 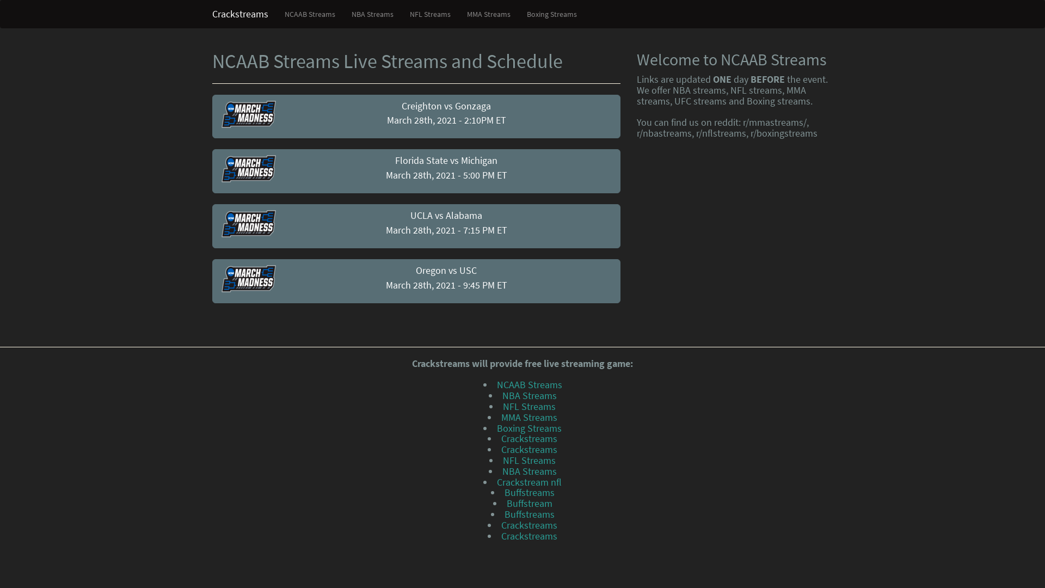 I want to click on 'Crackstream nfl', so click(x=529, y=481).